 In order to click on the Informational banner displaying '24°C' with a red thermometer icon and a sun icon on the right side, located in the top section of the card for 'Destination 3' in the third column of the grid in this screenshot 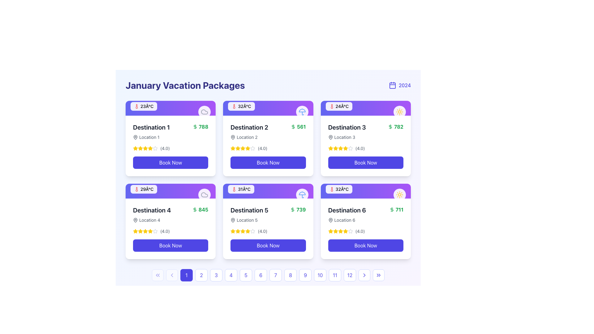, I will do `click(366, 108)`.